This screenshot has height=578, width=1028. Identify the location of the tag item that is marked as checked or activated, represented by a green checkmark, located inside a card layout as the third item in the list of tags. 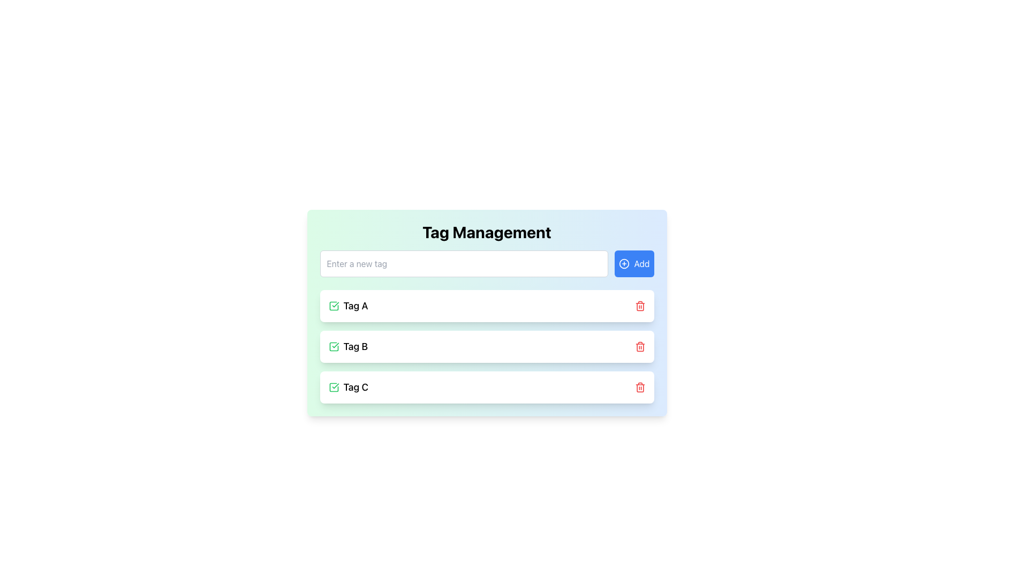
(348, 387).